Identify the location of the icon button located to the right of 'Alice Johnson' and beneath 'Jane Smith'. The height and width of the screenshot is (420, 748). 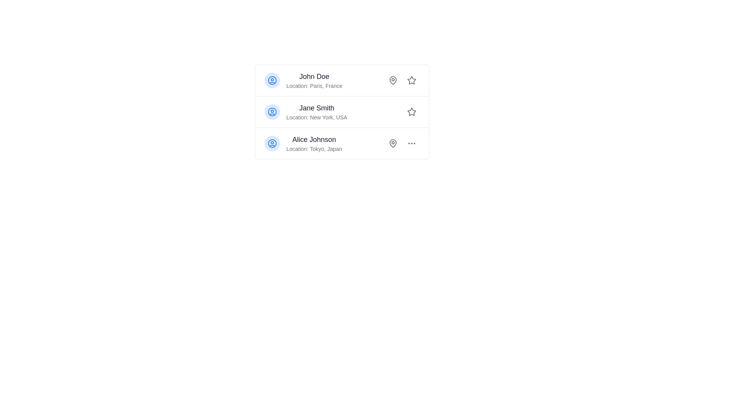
(393, 143).